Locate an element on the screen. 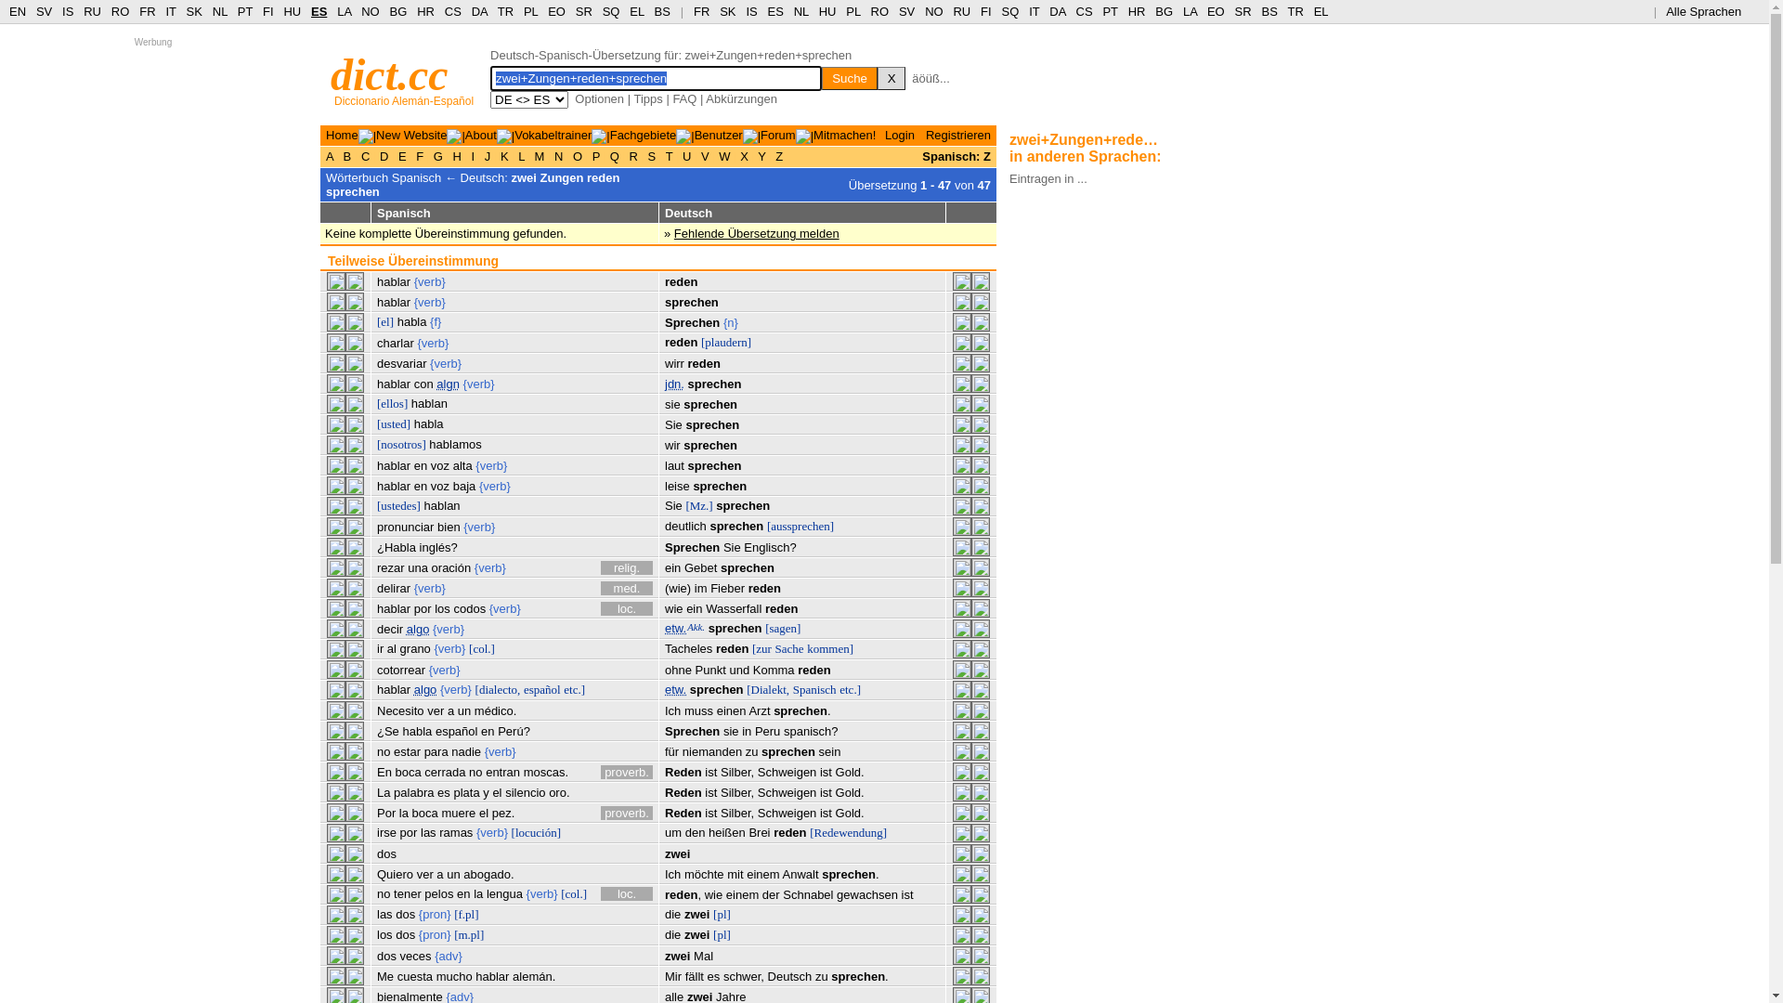 The width and height of the screenshot is (1783, 1003). 'sprechen' is located at coordinates (788, 750).